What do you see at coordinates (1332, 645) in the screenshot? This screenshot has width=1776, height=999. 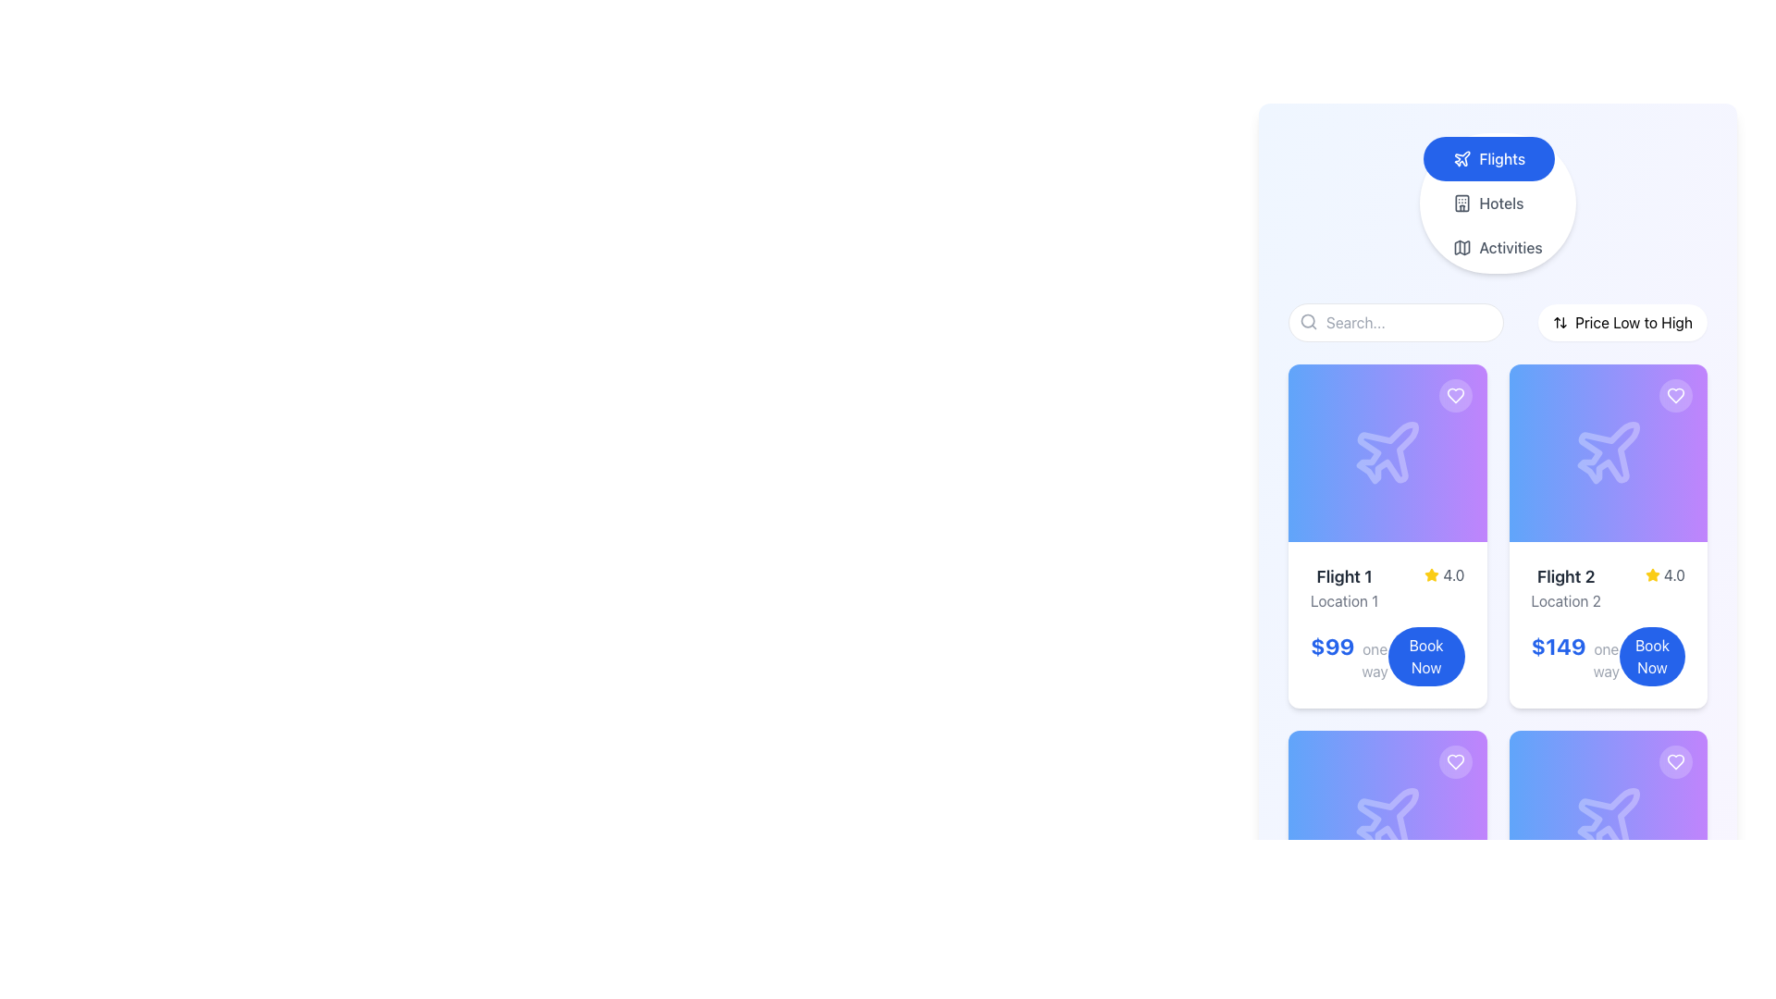 I see `the prominently styled text displaying '$99' in bold blue font, located on the top left of the 'Flight 1' card, to emphasize its importance as a label` at bounding box center [1332, 645].